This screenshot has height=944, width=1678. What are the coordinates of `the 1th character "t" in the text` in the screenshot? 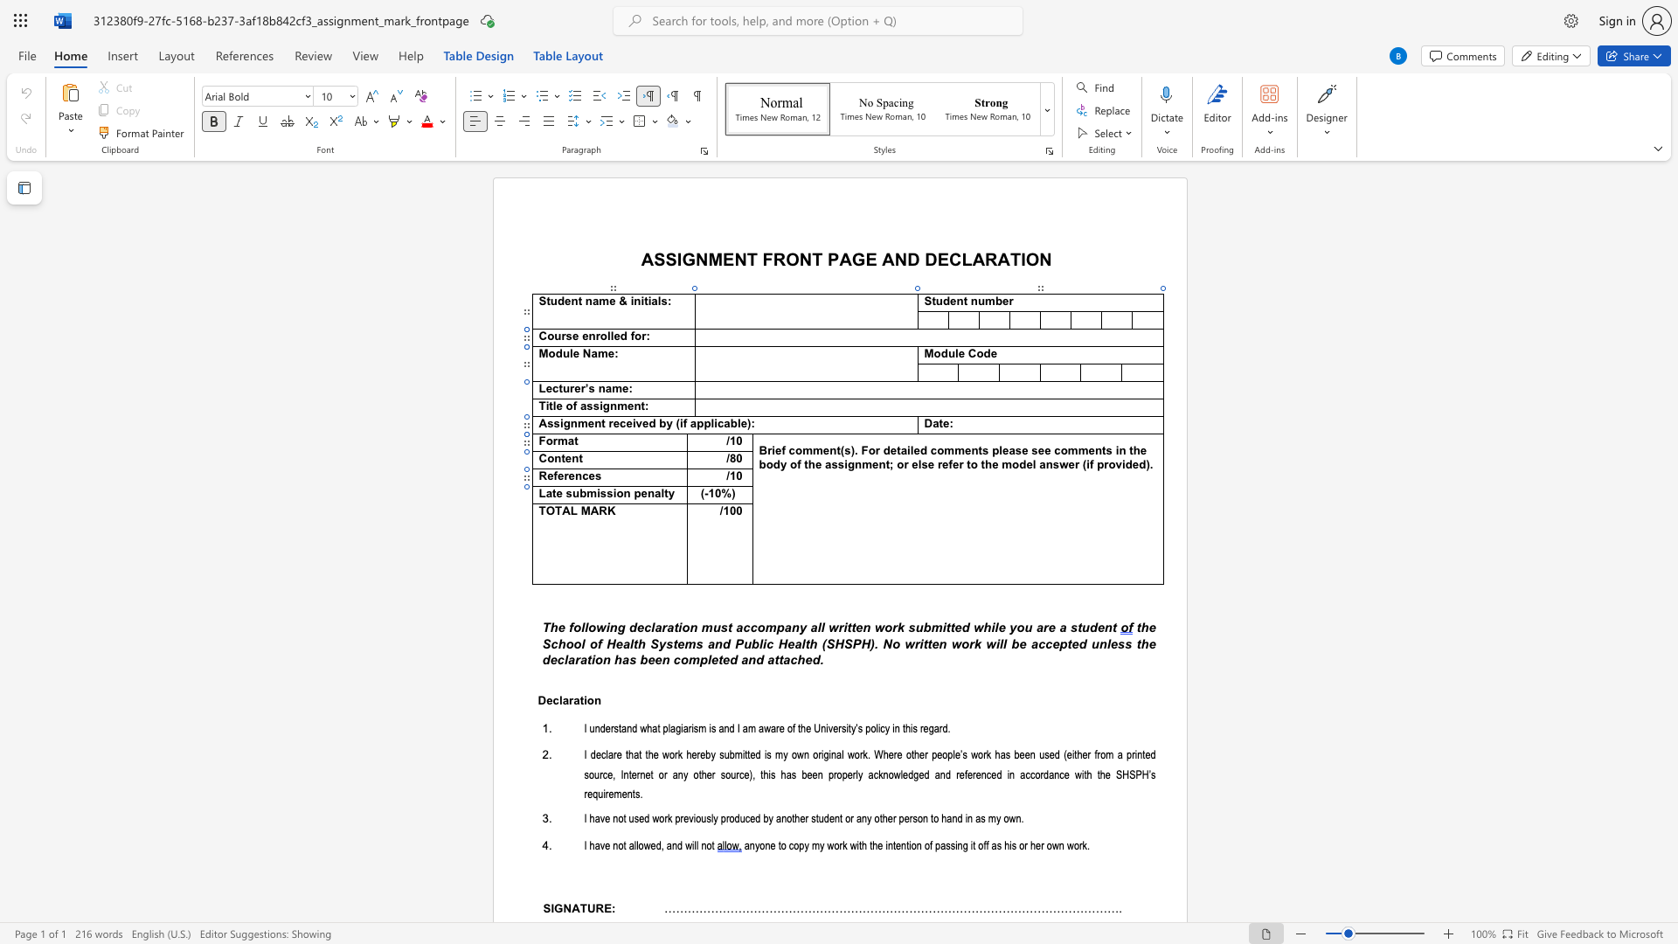 It's located at (553, 493).